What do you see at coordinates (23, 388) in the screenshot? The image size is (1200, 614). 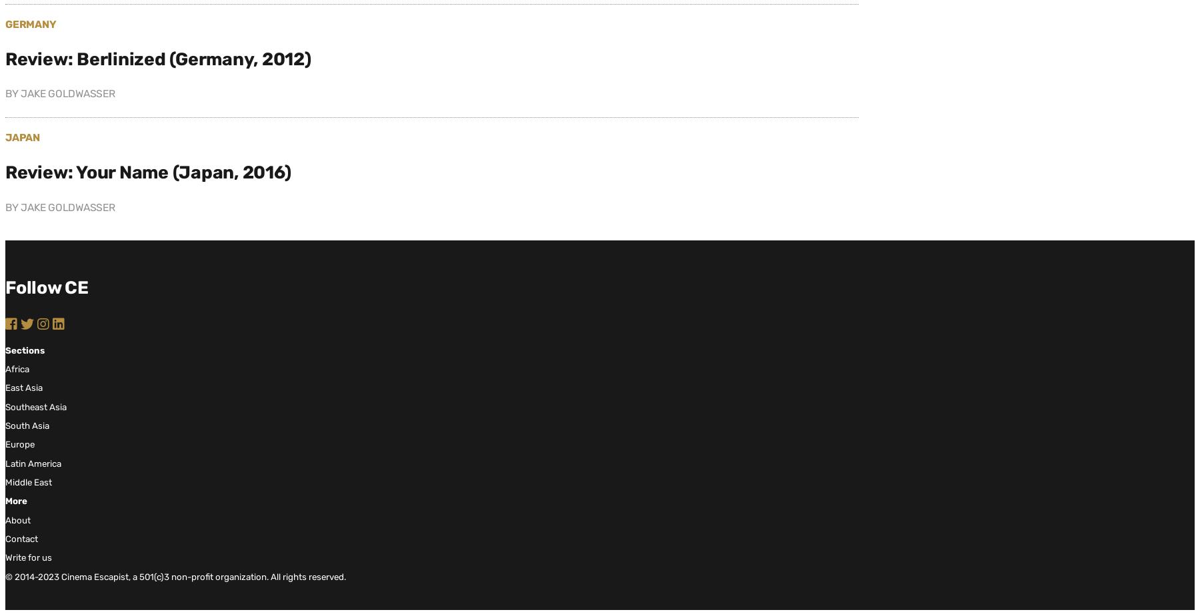 I see `'East Asia'` at bounding box center [23, 388].